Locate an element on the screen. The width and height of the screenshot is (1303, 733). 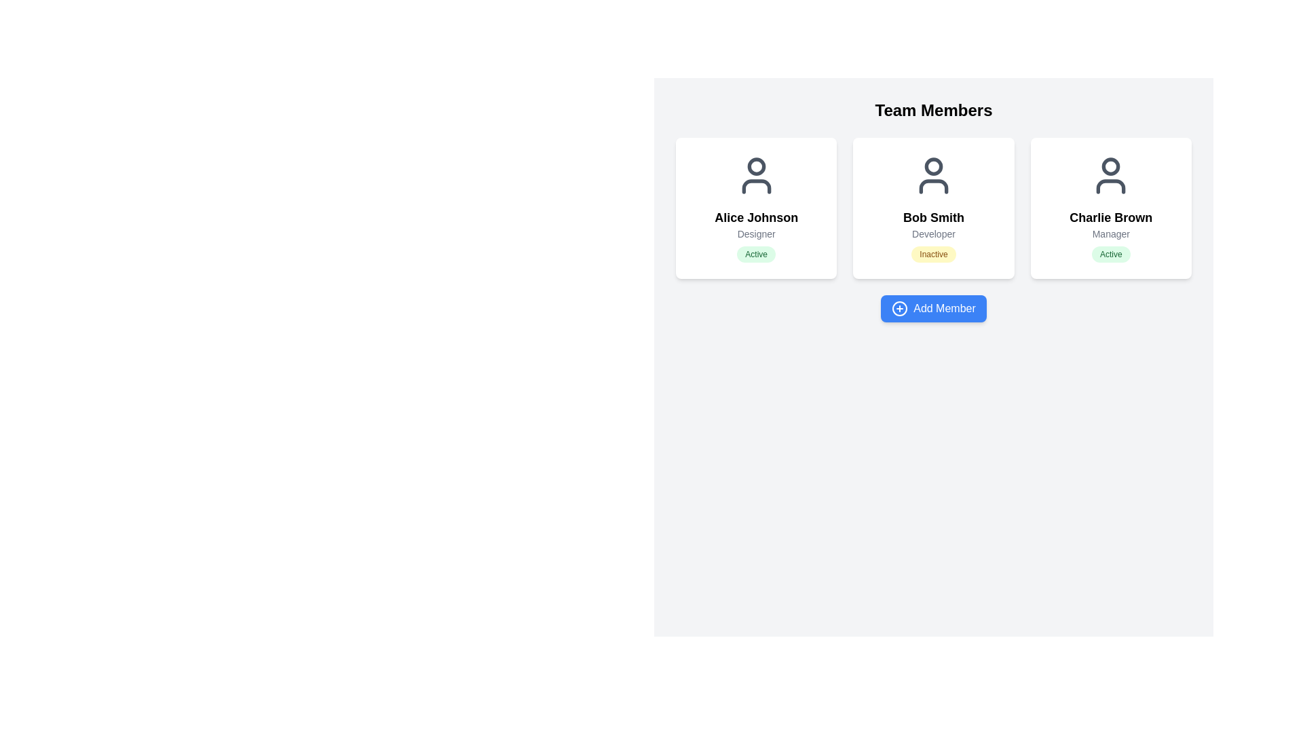
the small oval badge with light yellow background and bold text reading 'Inactive', located under the 'Developer' label in the card for 'Bob Smith' is located at coordinates (933, 254).